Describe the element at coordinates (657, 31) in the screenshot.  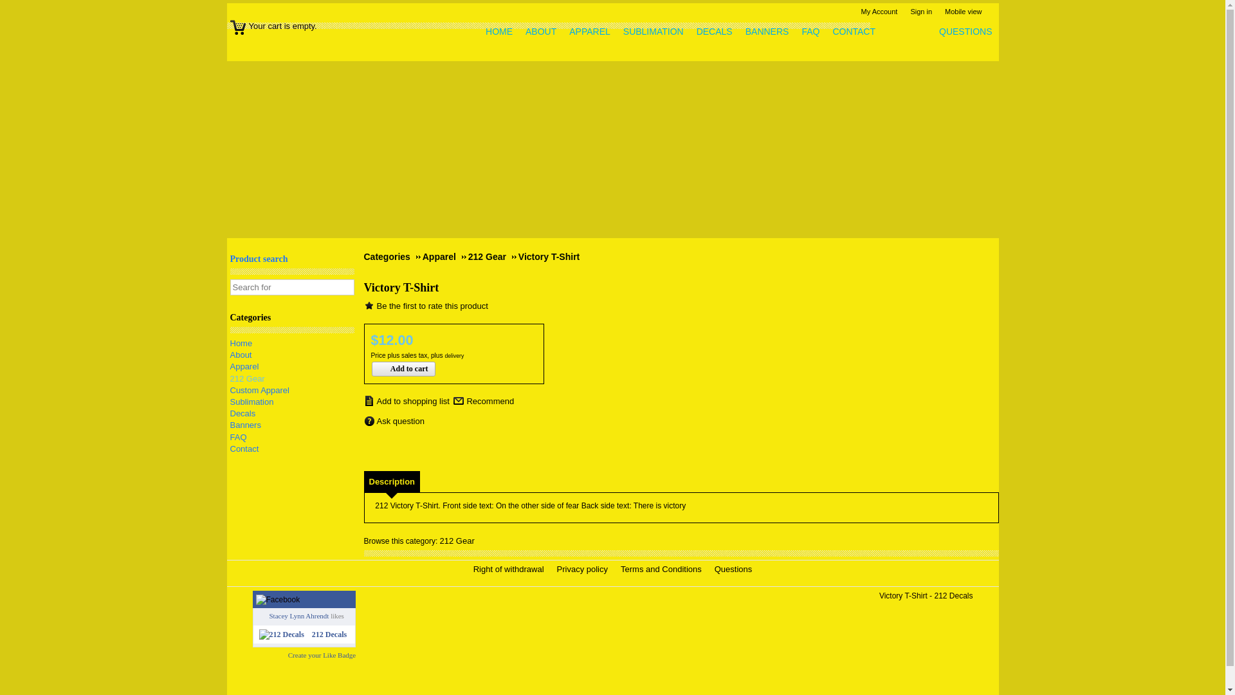
I see `'SUBLIMATION'` at that location.